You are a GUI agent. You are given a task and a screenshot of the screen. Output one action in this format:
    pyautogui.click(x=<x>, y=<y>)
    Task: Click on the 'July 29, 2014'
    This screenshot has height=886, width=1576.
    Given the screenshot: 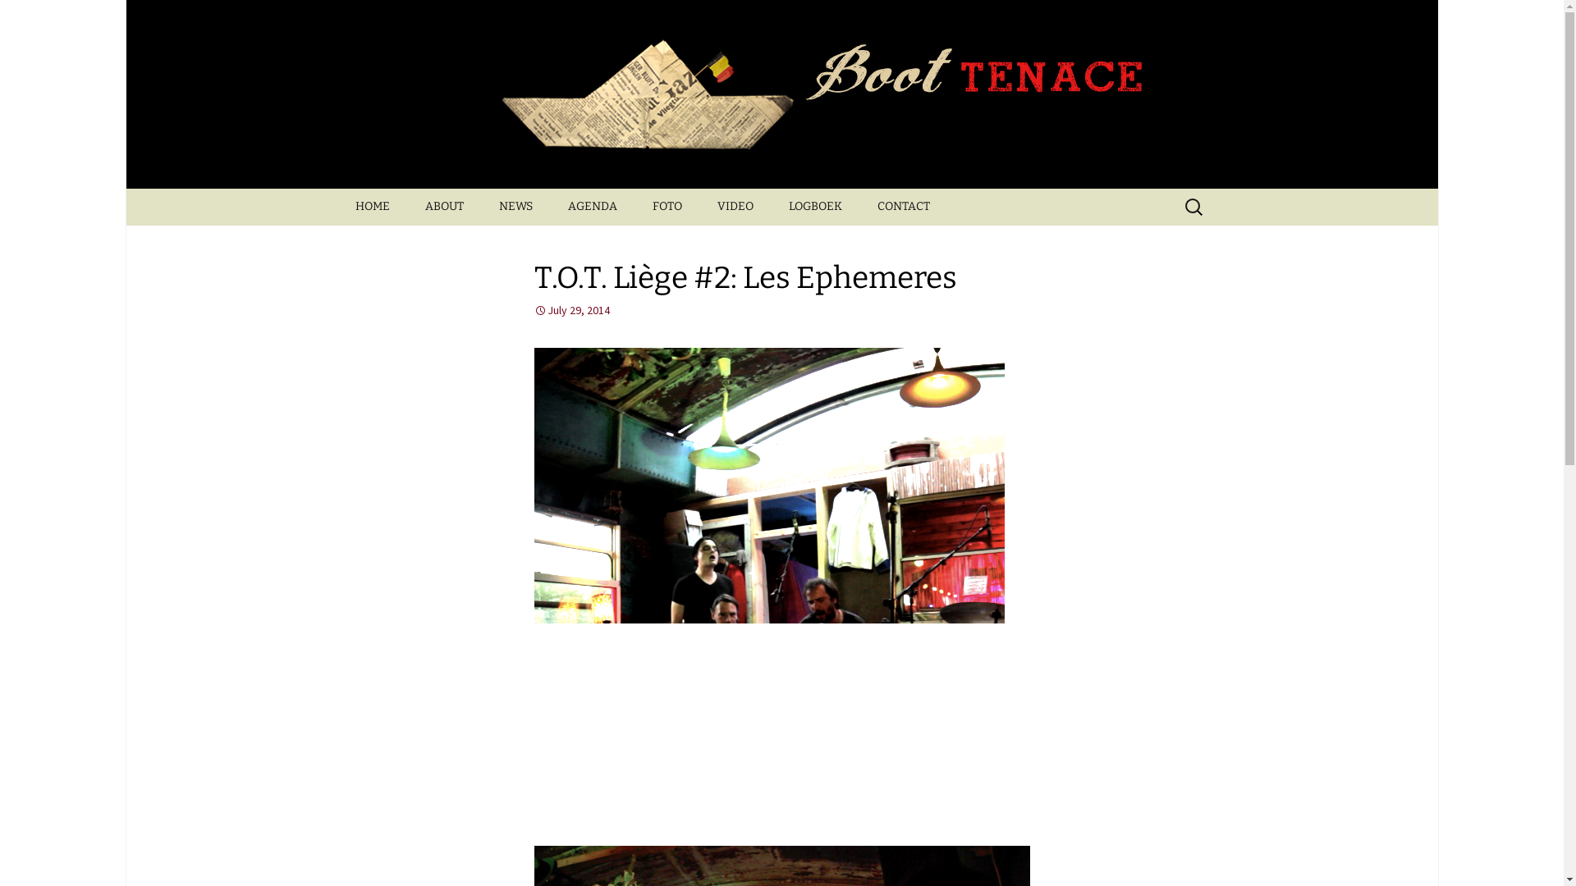 What is the action you would take?
    pyautogui.click(x=571, y=310)
    